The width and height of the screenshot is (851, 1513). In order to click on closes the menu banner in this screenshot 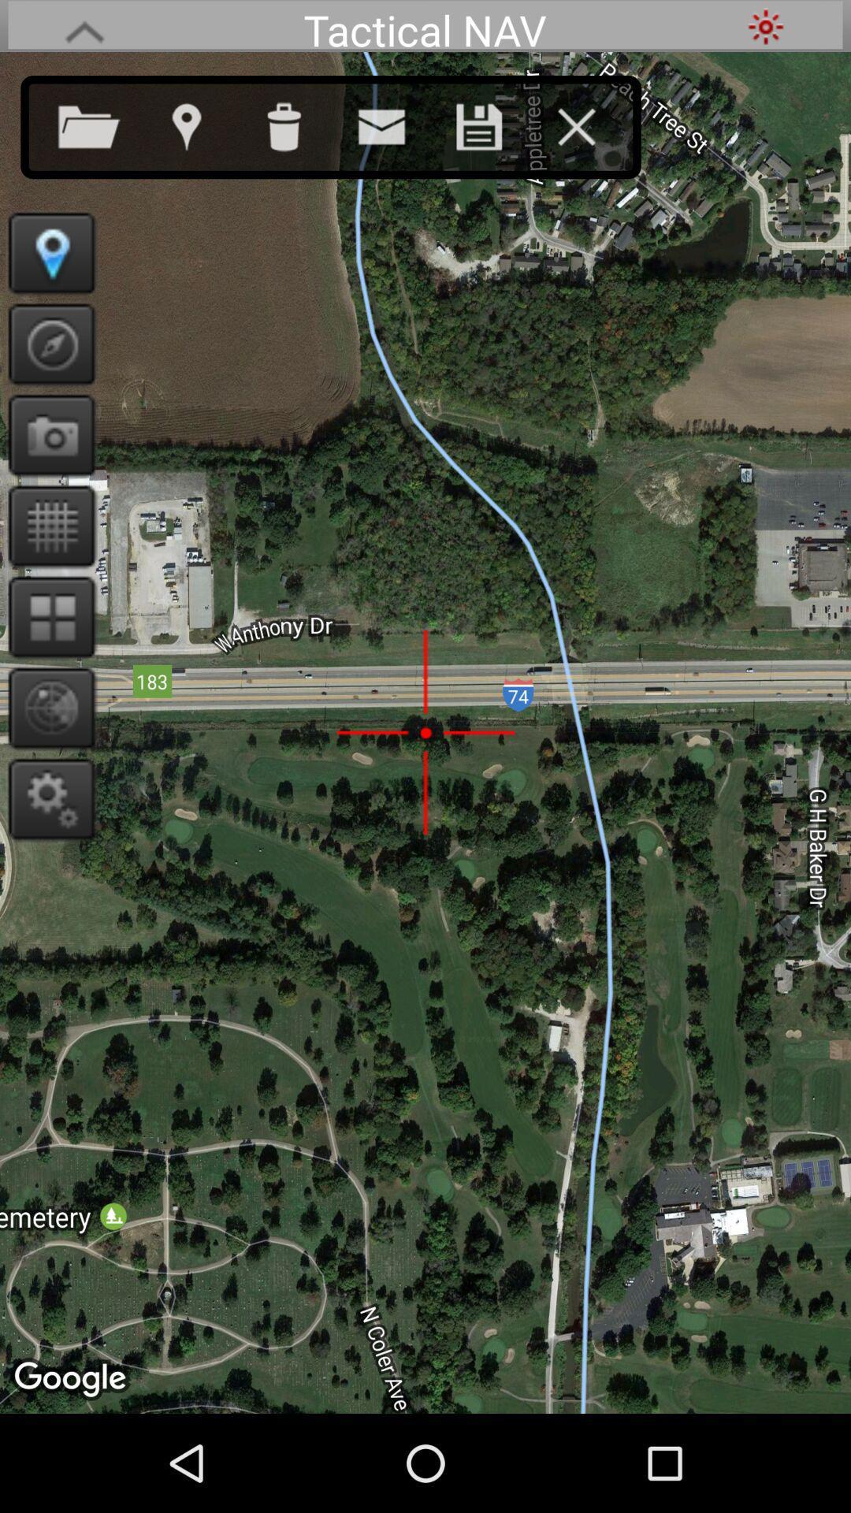, I will do `click(592, 123)`.